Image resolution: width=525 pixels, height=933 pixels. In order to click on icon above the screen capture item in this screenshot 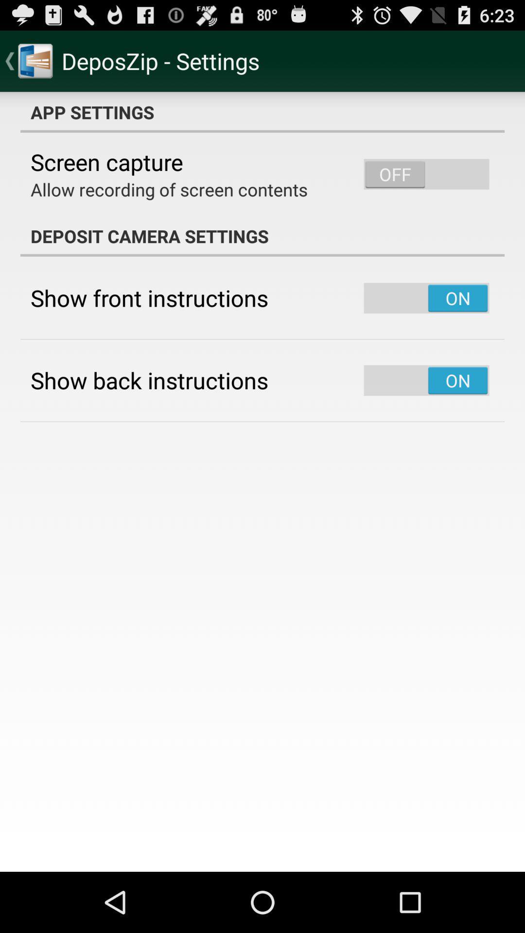, I will do `click(262, 112)`.